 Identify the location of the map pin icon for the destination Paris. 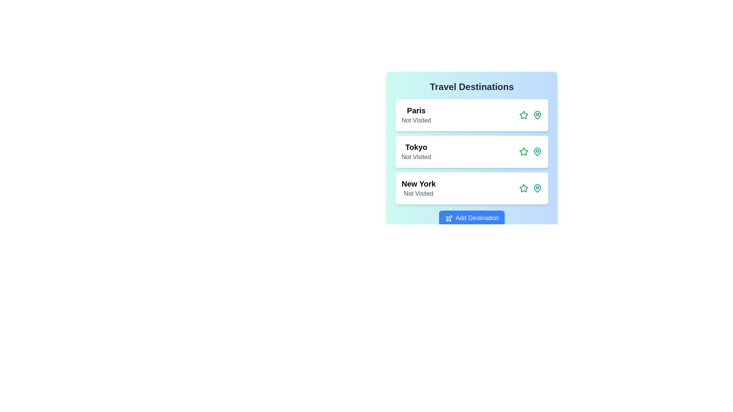
(537, 115).